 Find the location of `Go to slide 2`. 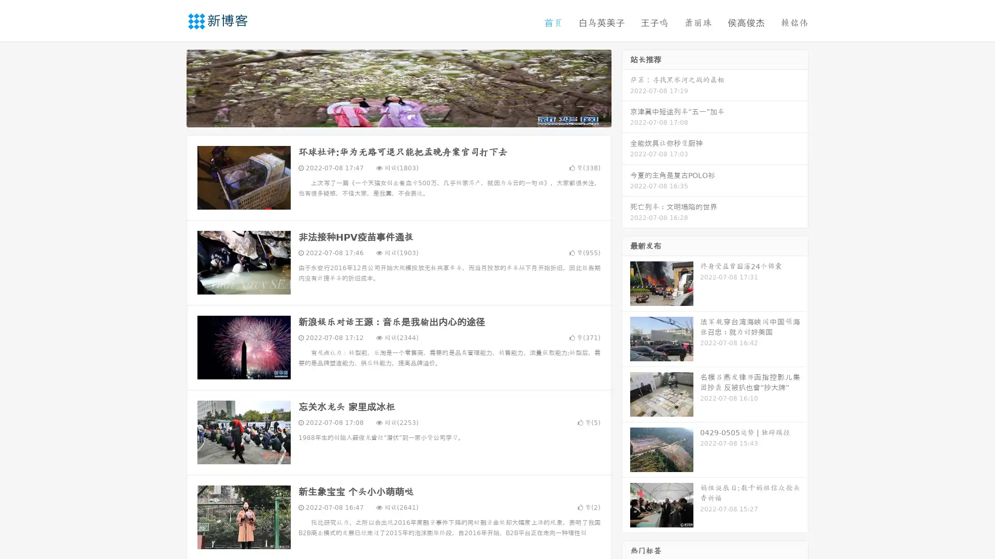

Go to slide 2 is located at coordinates (398, 116).